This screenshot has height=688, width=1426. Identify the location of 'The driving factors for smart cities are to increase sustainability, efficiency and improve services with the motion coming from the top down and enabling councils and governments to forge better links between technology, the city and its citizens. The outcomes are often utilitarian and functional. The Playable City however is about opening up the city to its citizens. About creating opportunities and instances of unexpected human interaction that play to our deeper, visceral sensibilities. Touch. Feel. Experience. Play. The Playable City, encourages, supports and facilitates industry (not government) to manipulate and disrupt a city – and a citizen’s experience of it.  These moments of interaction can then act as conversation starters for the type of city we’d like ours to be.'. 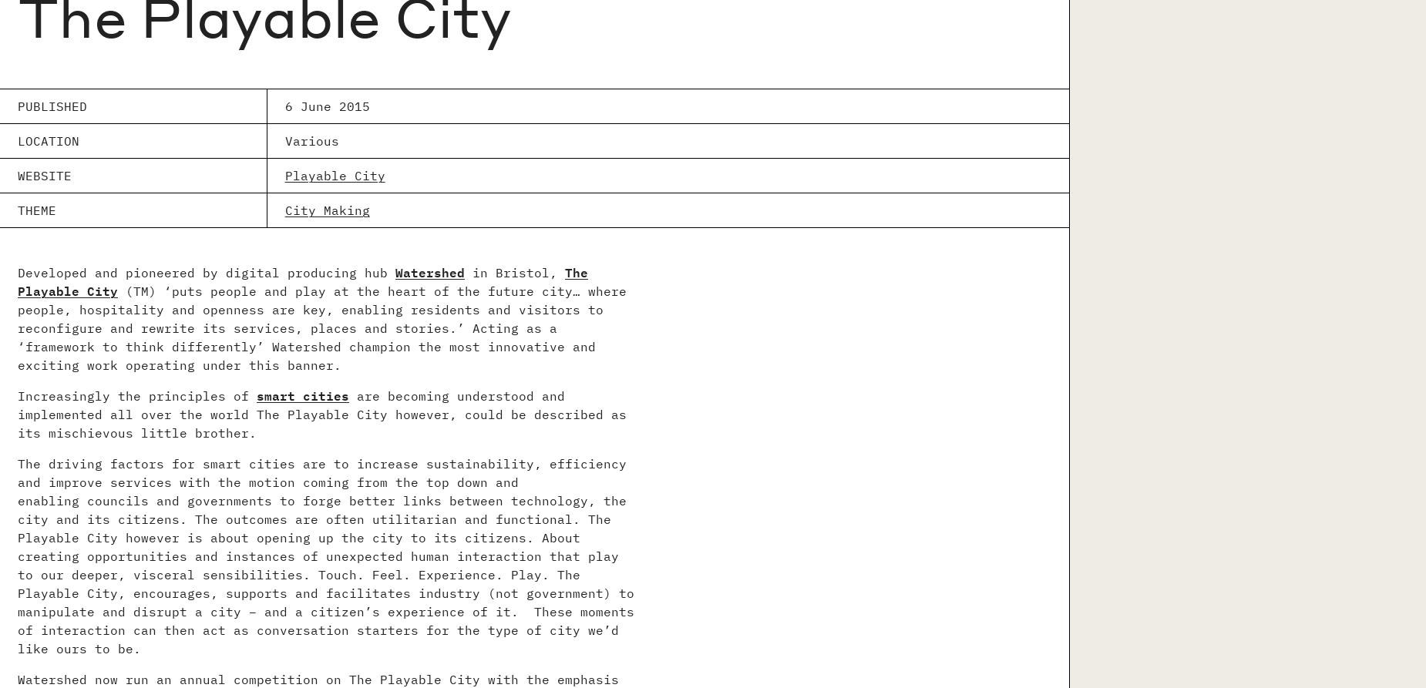
(325, 555).